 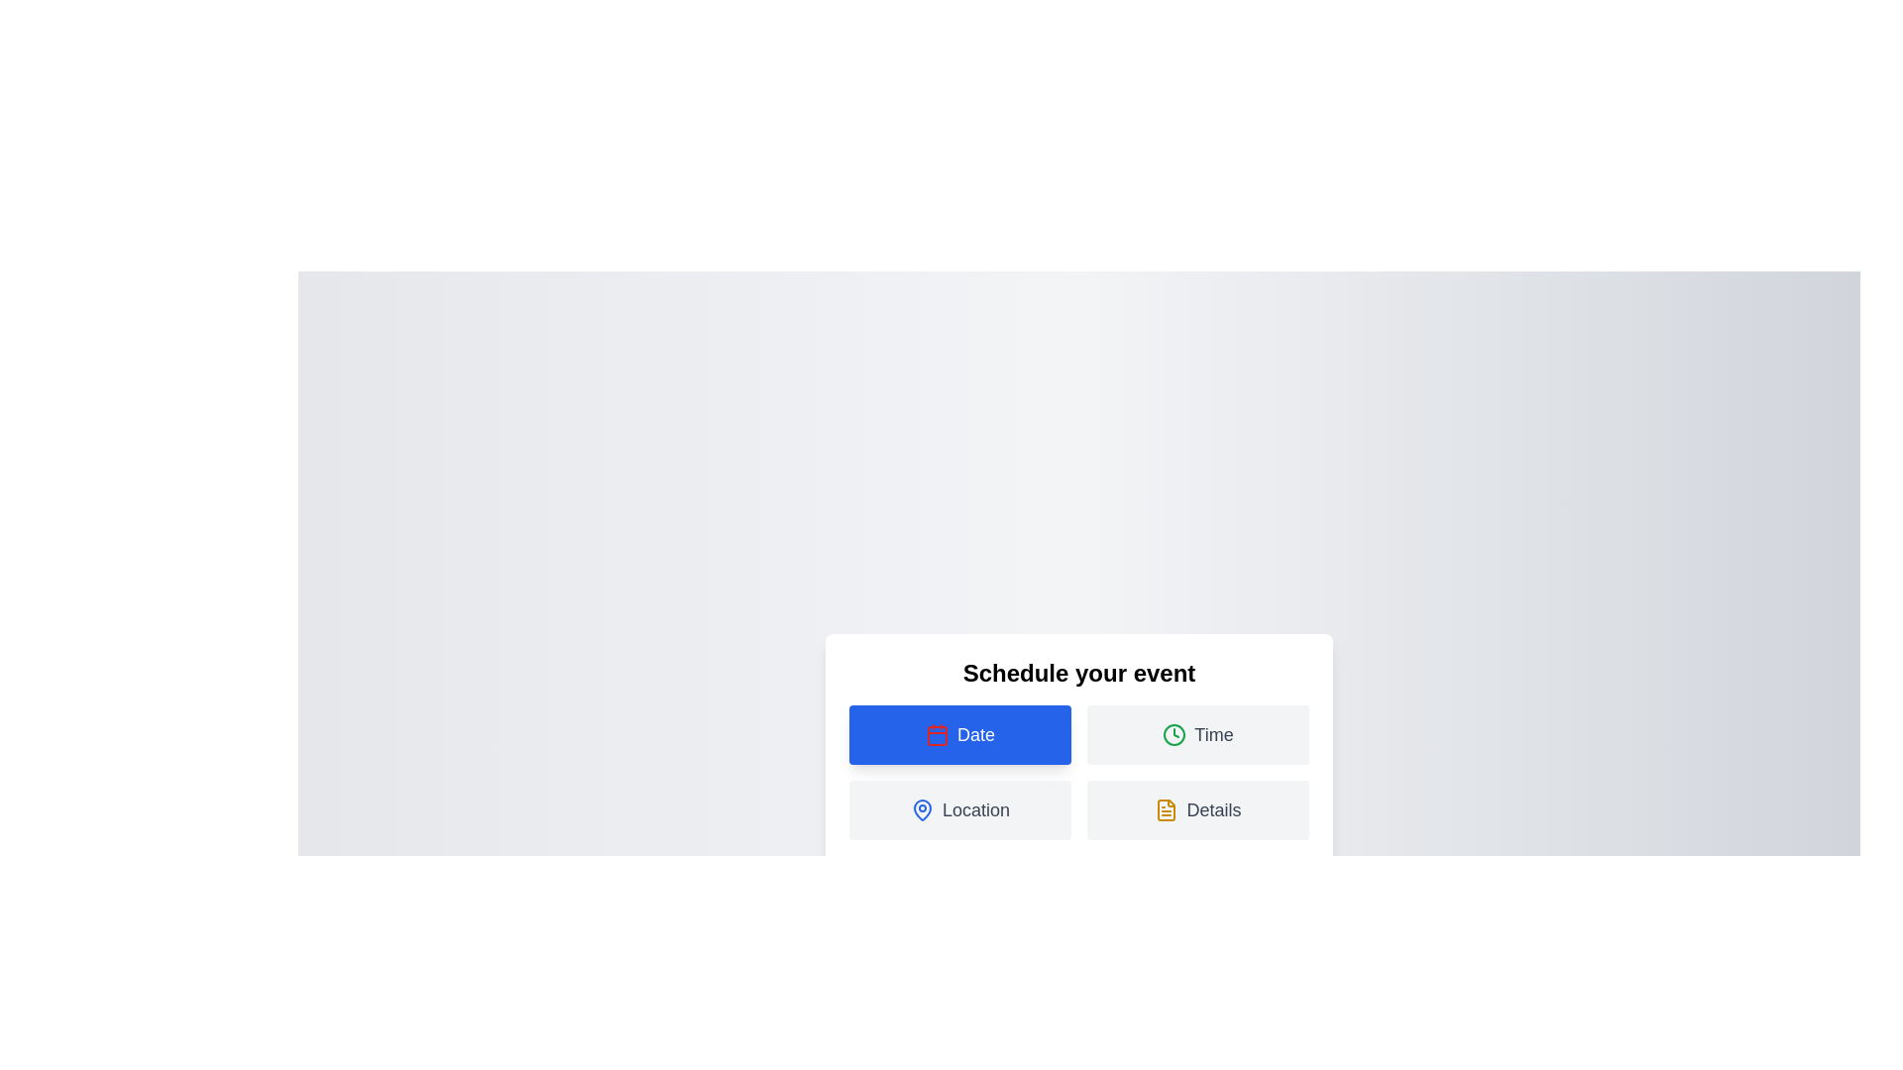 What do you see at coordinates (1197, 734) in the screenshot?
I see `the time-related setting button located in the first row and second column of the grid layout` at bounding box center [1197, 734].